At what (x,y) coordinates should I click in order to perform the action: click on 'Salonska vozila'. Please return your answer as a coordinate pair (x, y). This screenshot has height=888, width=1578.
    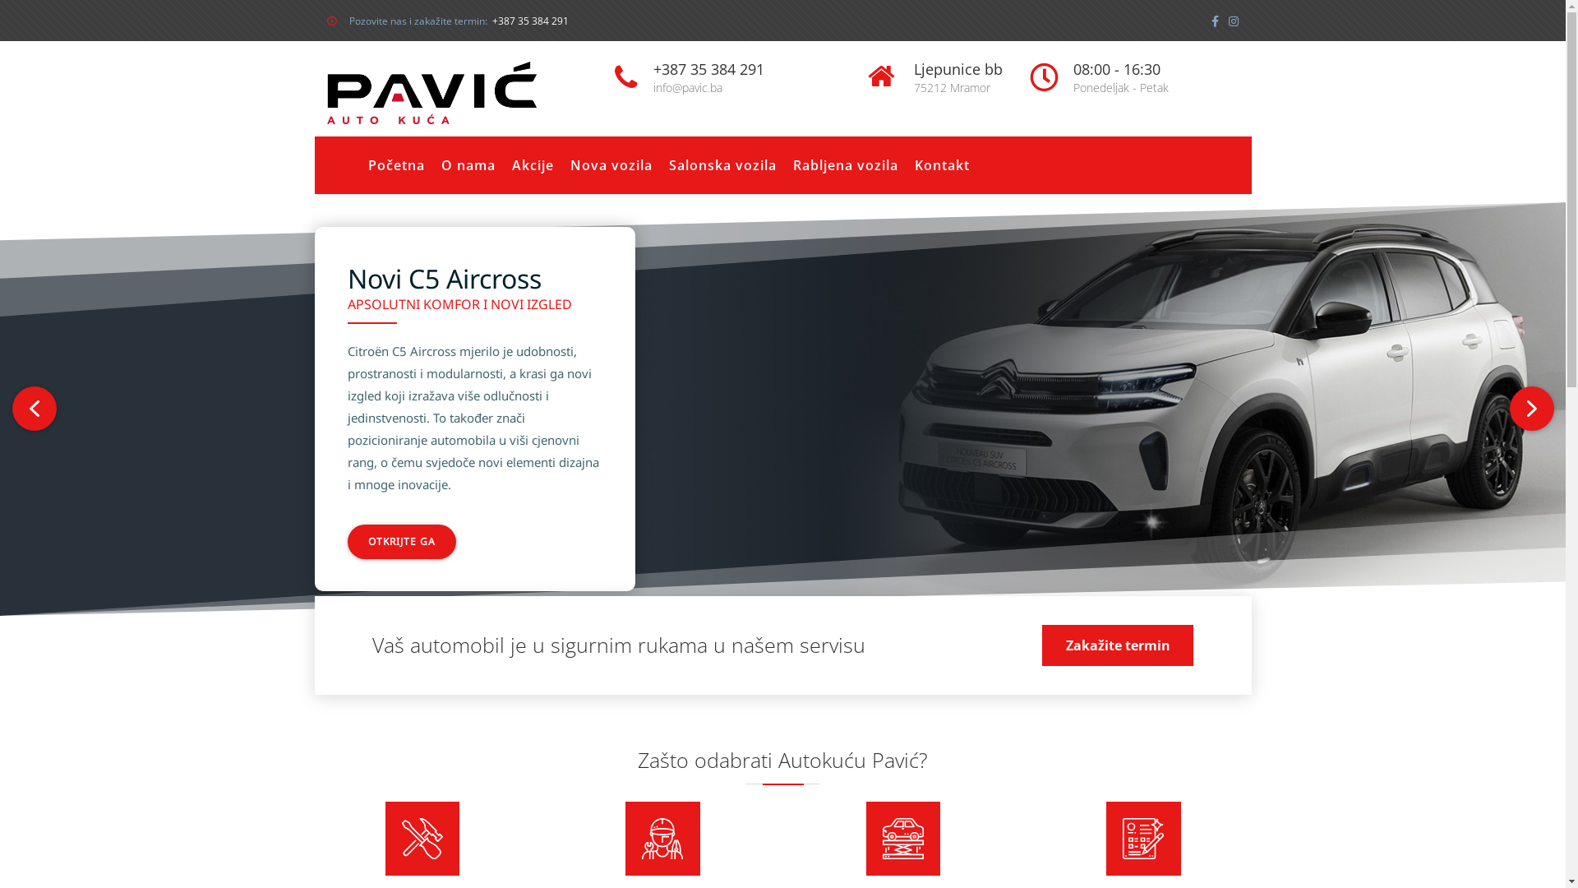
    Looking at the image, I should click on (722, 164).